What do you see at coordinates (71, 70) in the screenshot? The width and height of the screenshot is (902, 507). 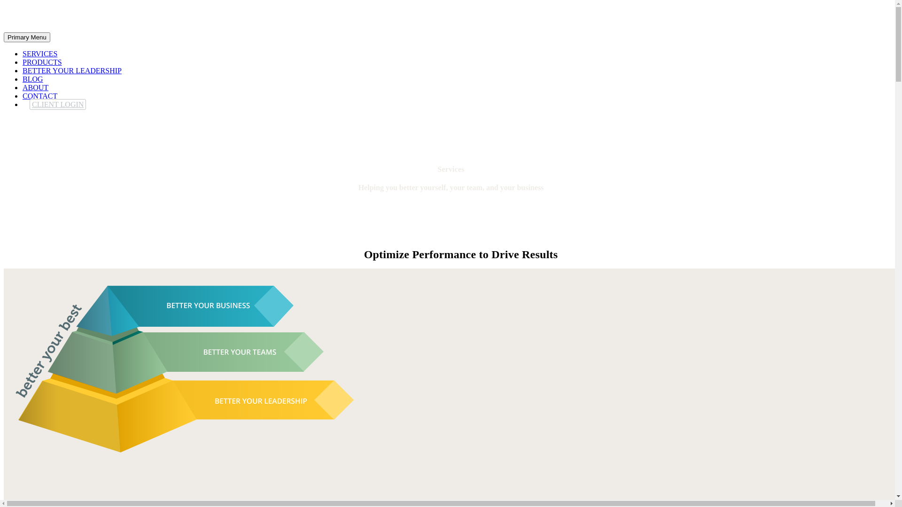 I see `'BETTER YOUR LEADERSHIP'` at bounding box center [71, 70].